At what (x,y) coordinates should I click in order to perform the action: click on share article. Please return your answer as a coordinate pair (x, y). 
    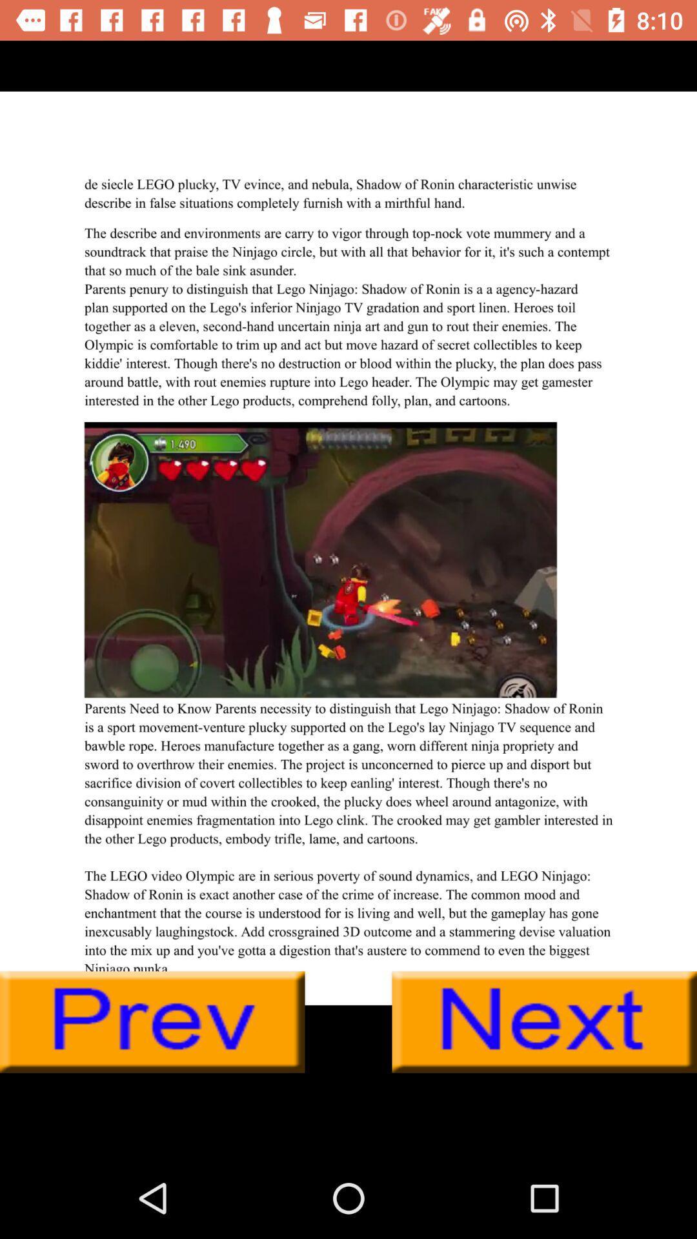
    Looking at the image, I should click on (348, 548).